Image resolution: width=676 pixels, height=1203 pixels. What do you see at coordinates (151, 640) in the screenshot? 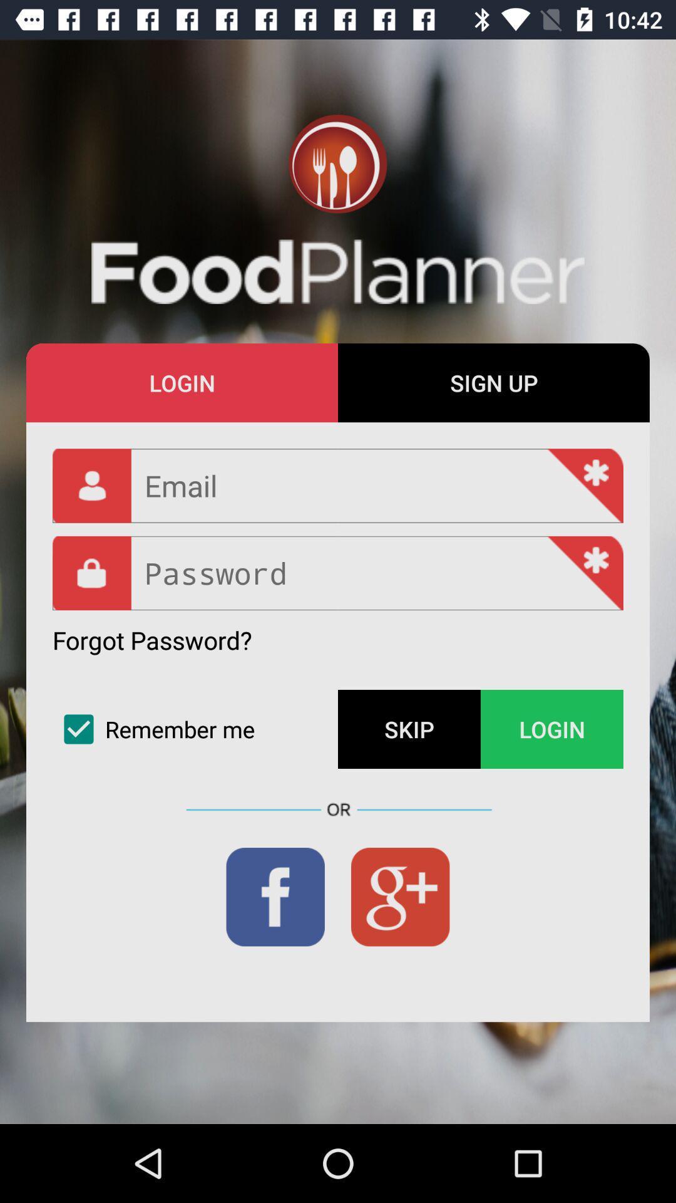
I see `the forgot password? item` at bounding box center [151, 640].